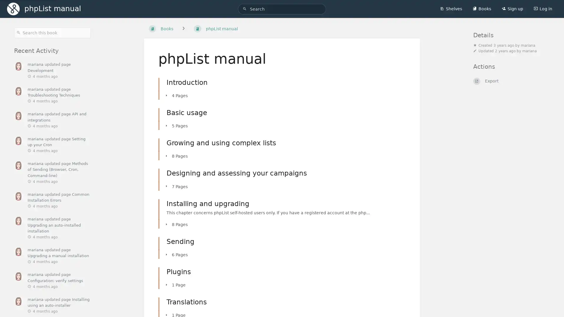 This screenshot has height=317, width=564. I want to click on 8 Pages, so click(282, 155).